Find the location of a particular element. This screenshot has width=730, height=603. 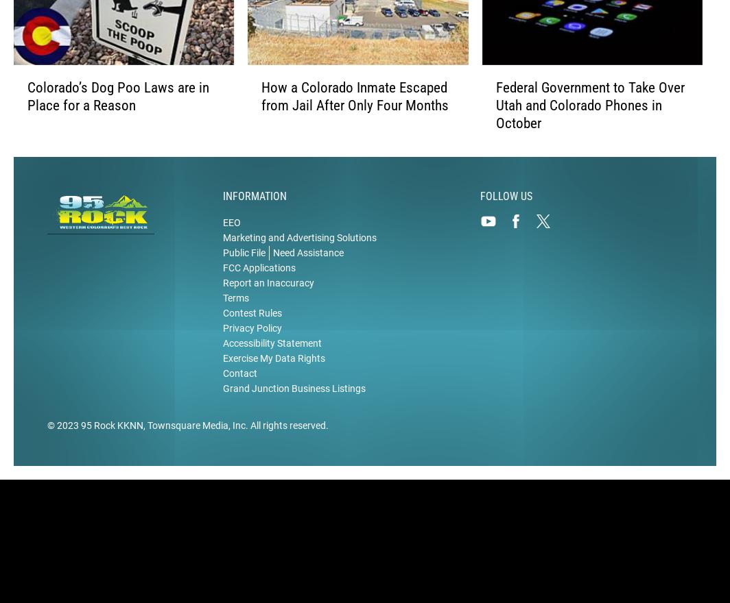

'Federal Government to Take Over Utah and Colorado Phones in October' is located at coordinates (589, 105).